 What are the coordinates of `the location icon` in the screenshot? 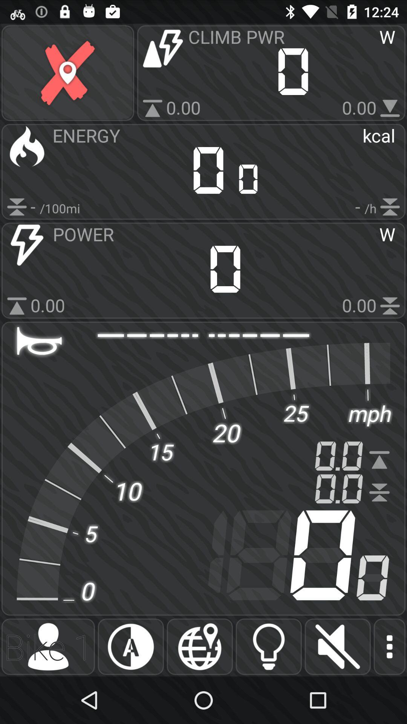 It's located at (199, 646).